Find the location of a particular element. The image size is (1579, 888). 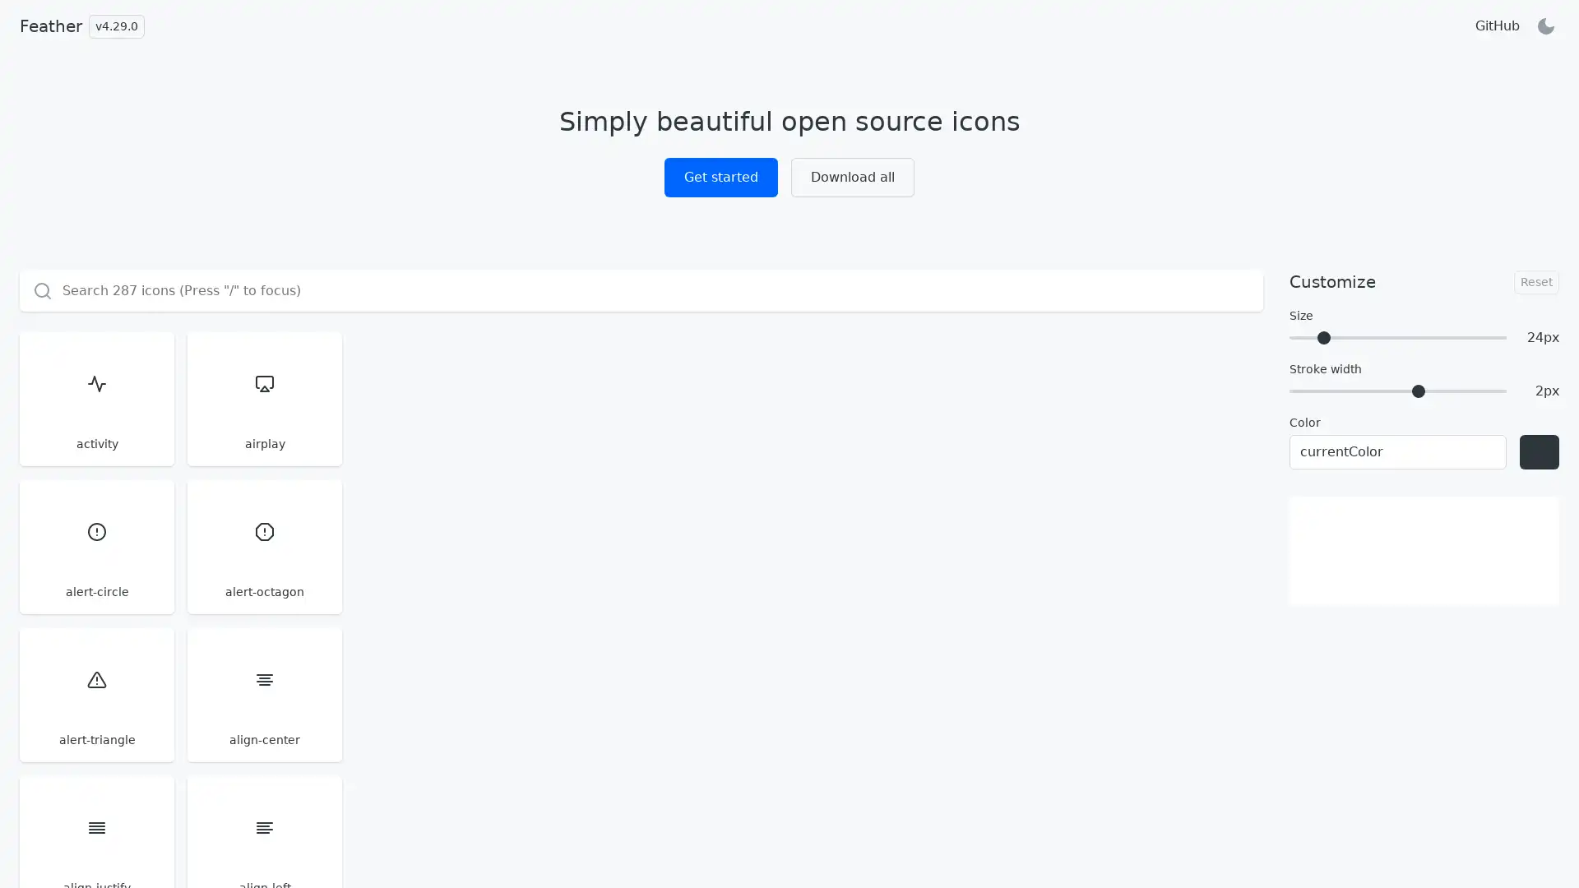

airplay is located at coordinates (220, 399).